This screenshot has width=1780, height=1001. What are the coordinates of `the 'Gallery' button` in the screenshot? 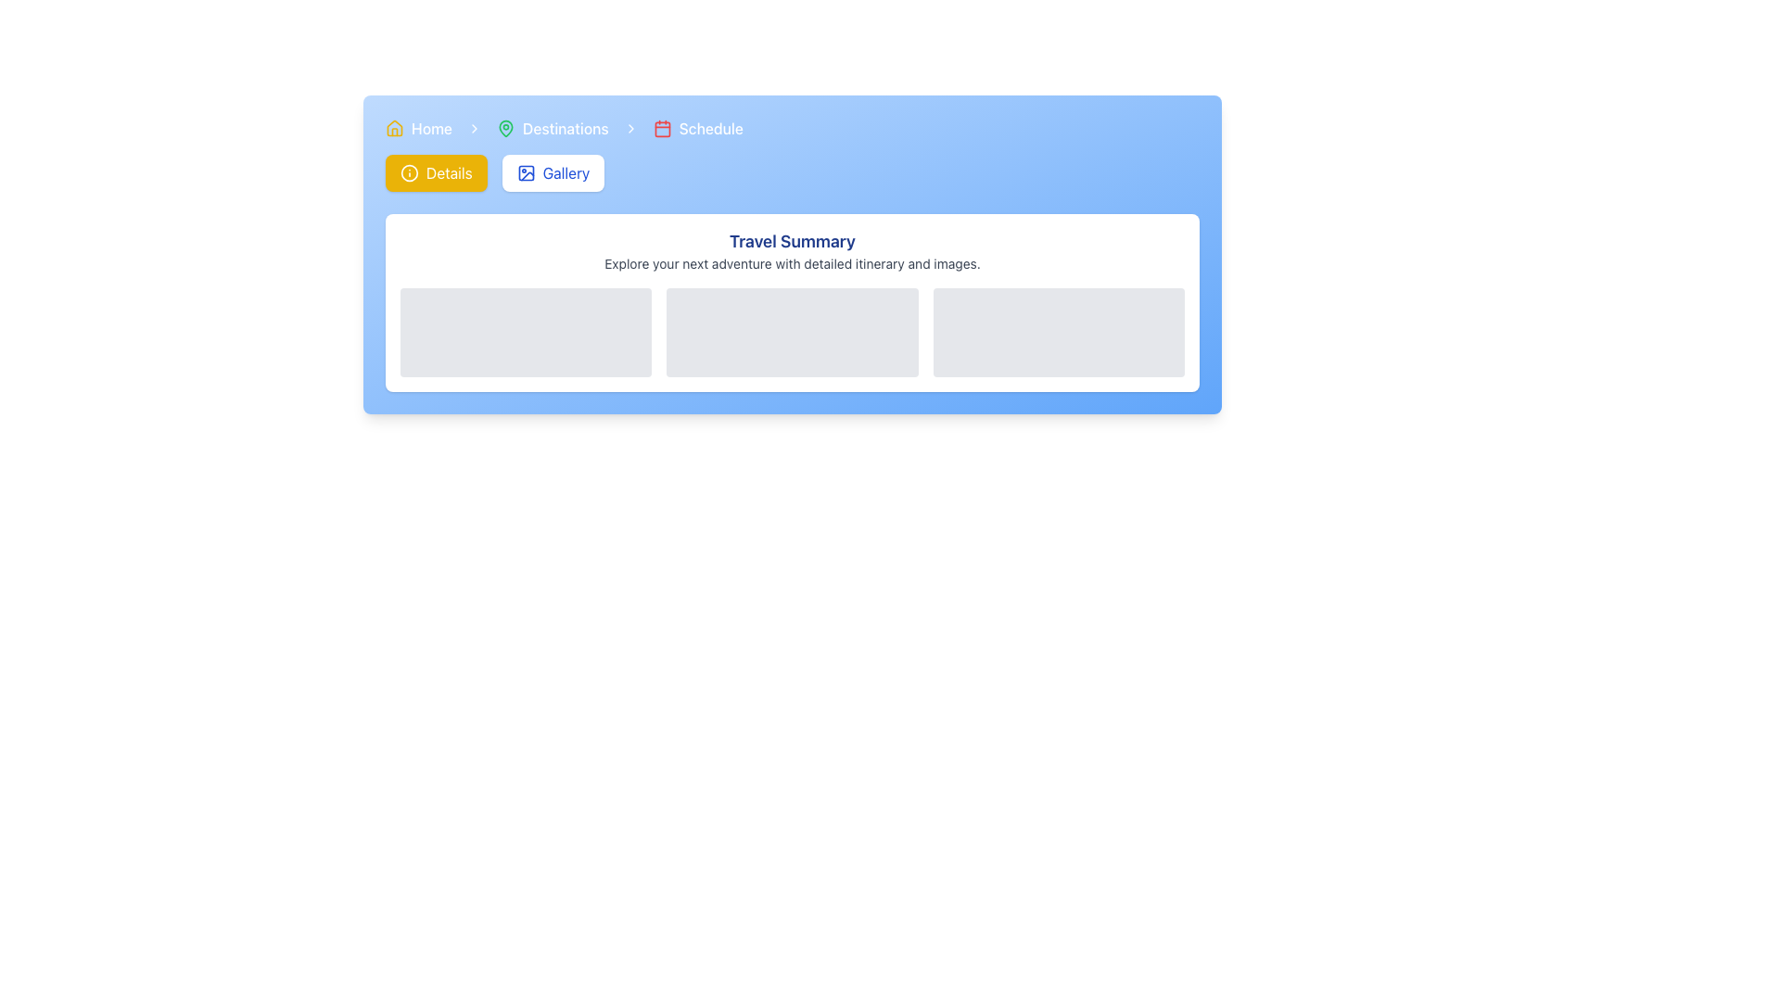 It's located at (552, 172).